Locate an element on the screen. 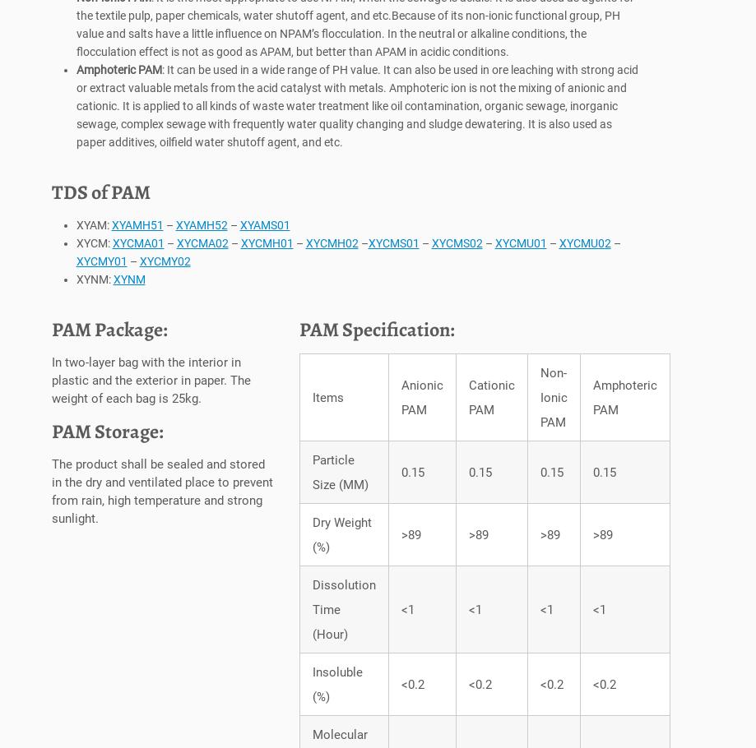 The width and height of the screenshot is (756, 748). 'Non-Ionic PAM' is located at coordinates (552, 401).